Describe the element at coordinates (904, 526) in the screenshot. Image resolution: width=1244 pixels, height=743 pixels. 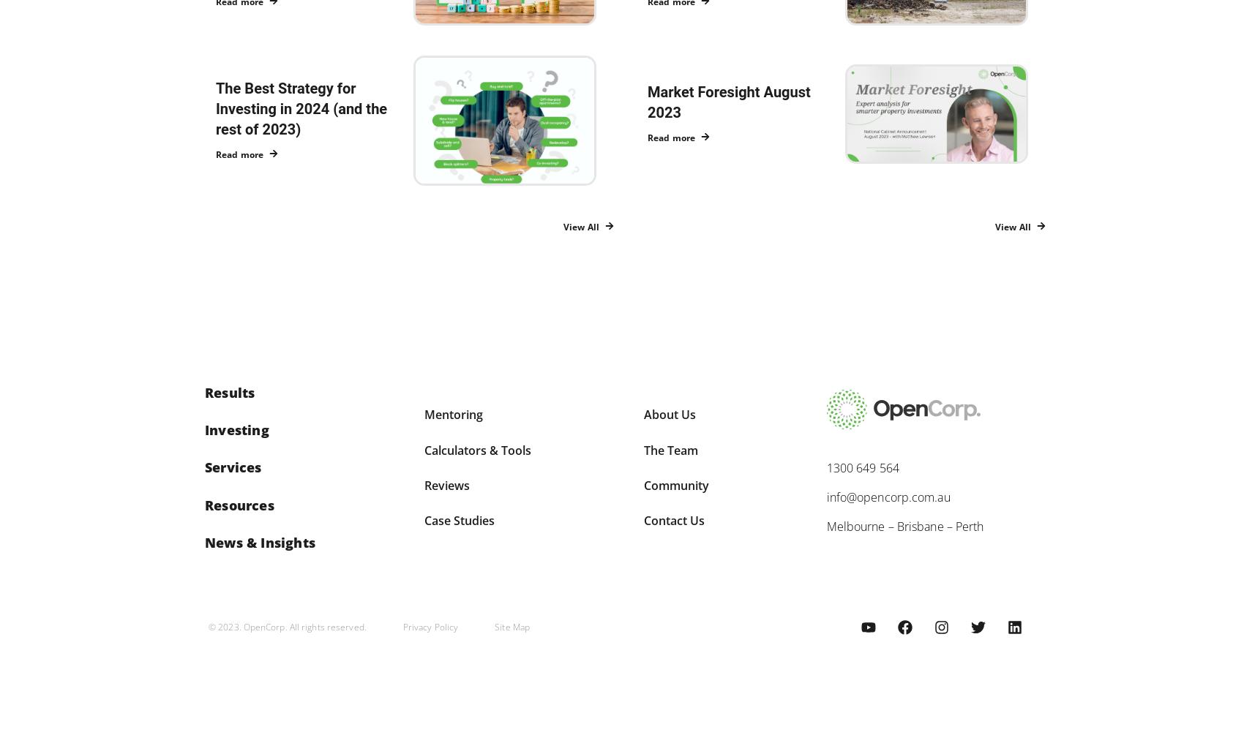
I see `'Melbourne – Brisbane – Perth'` at that location.